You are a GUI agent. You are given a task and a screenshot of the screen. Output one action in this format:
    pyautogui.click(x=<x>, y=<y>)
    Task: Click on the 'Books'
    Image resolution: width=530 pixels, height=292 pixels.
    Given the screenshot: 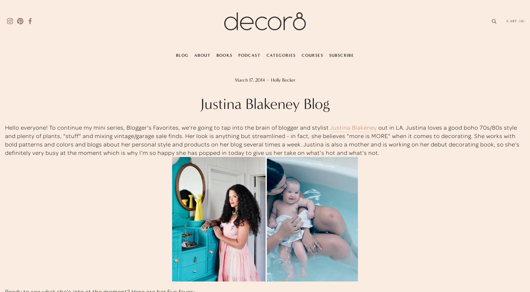 What is the action you would take?
    pyautogui.click(x=224, y=55)
    